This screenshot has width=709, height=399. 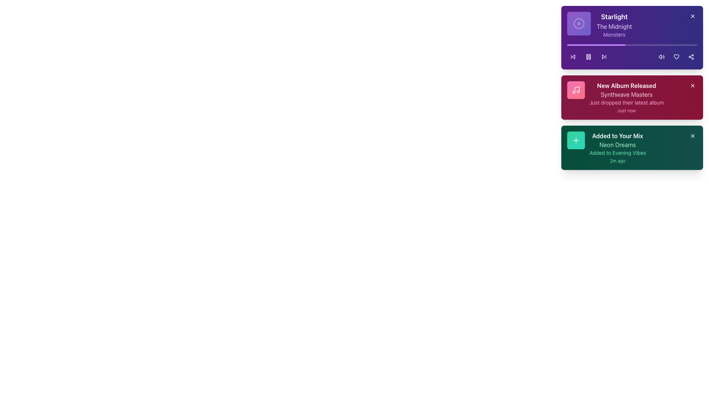 What do you see at coordinates (576, 140) in the screenshot?
I see `the addition button located in the top-left corner of the 'Added to Your Mix' card` at bounding box center [576, 140].